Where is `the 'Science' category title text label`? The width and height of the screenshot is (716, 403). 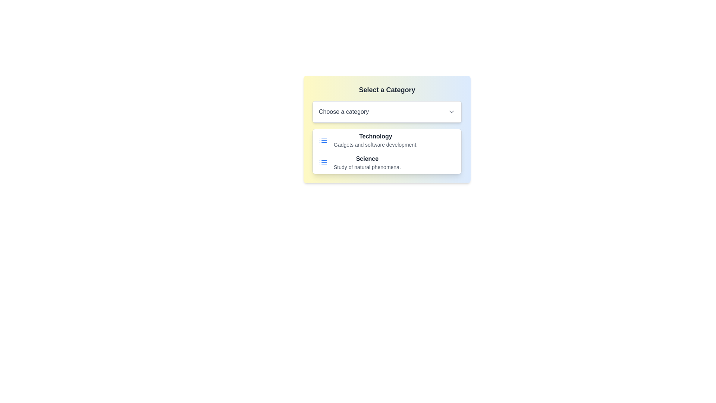 the 'Science' category title text label is located at coordinates (367, 158).